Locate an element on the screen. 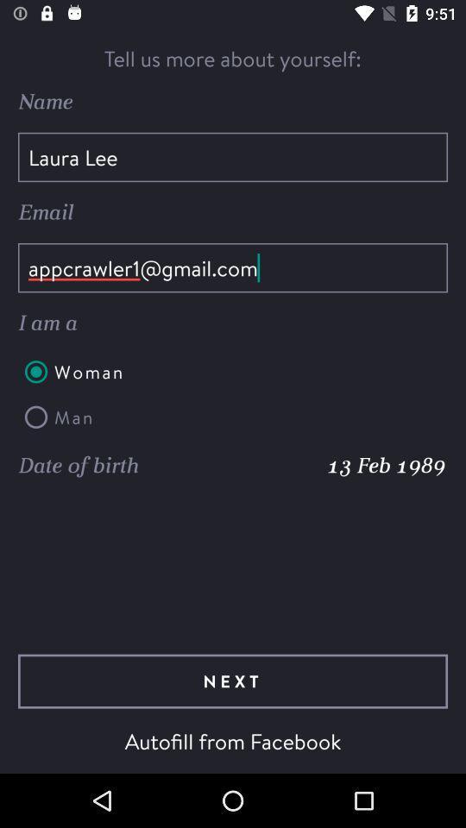  item above autofill from facebook icon is located at coordinates (233, 681).